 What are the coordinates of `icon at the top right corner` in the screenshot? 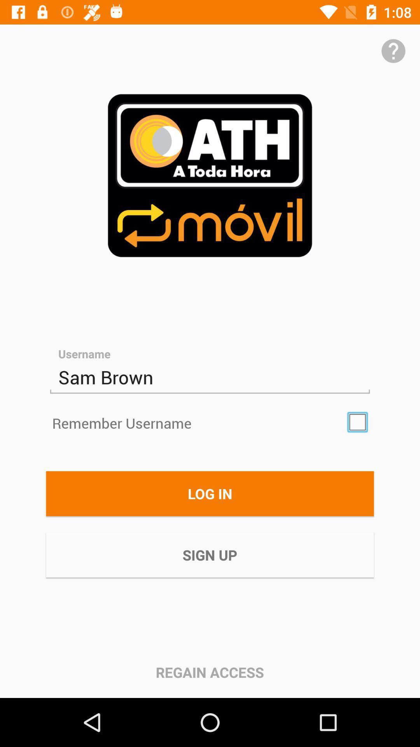 It's located at (393, 51).